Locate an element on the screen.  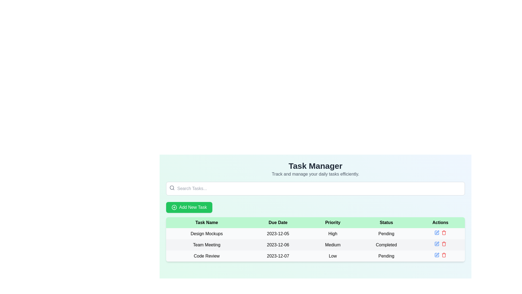
the circular vector graphic within the plus sign icon located in the green 'Add New Task' button is located at coordinates (174, 207).